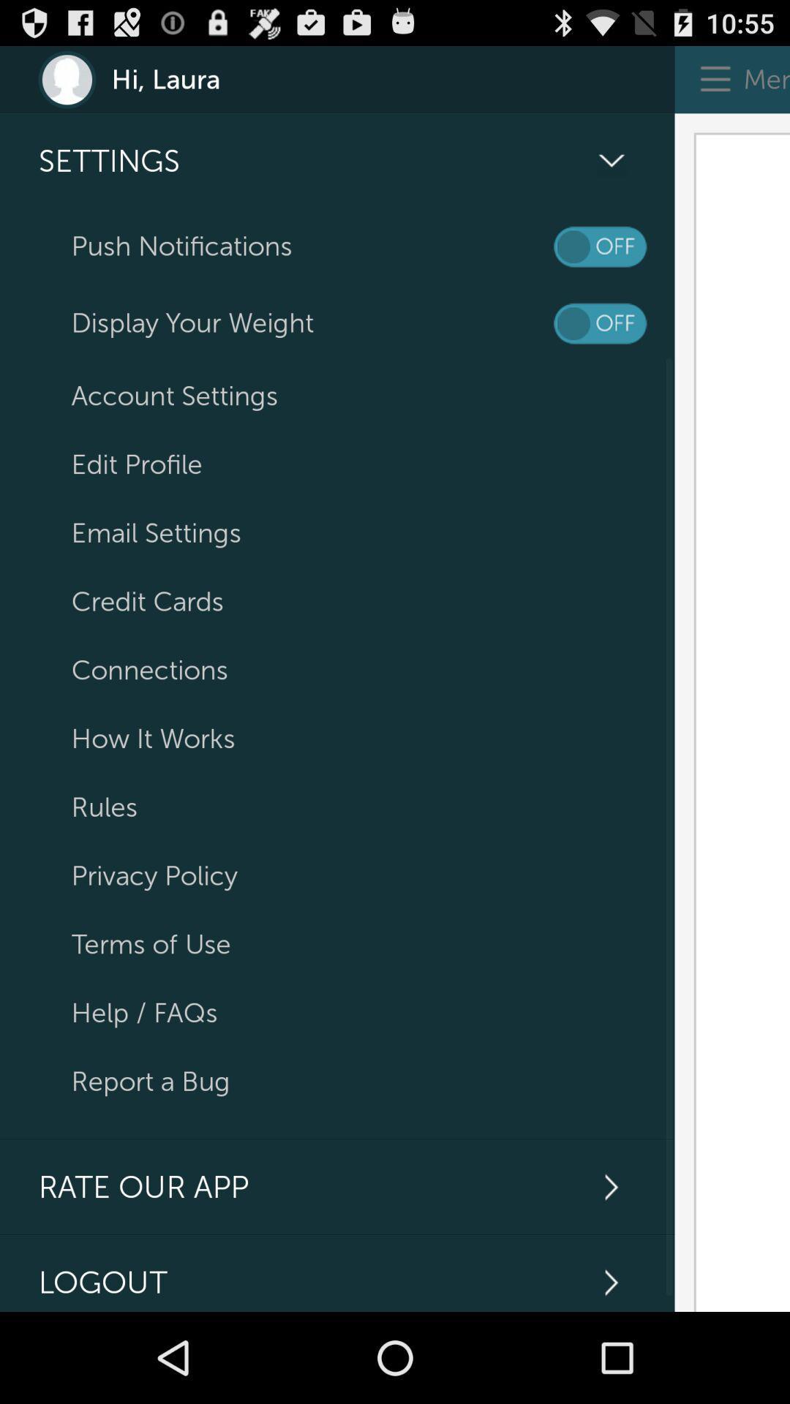 This screenshot has height=1404, width=790. I want to click on push notifications, so click(600, 246).